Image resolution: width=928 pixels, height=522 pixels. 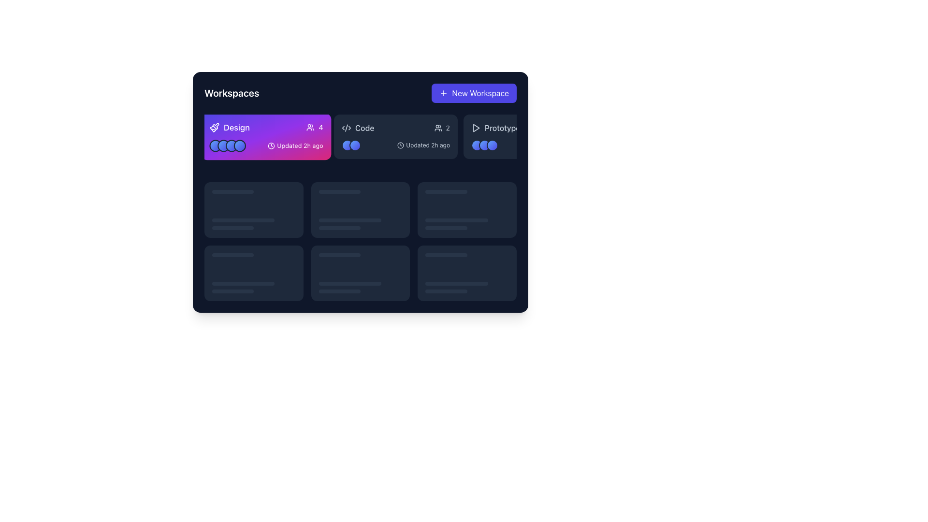 I want to click on the leftmost icon in the 'Code' group, which represents programming or coding functionality, so click(x=346, y=128).